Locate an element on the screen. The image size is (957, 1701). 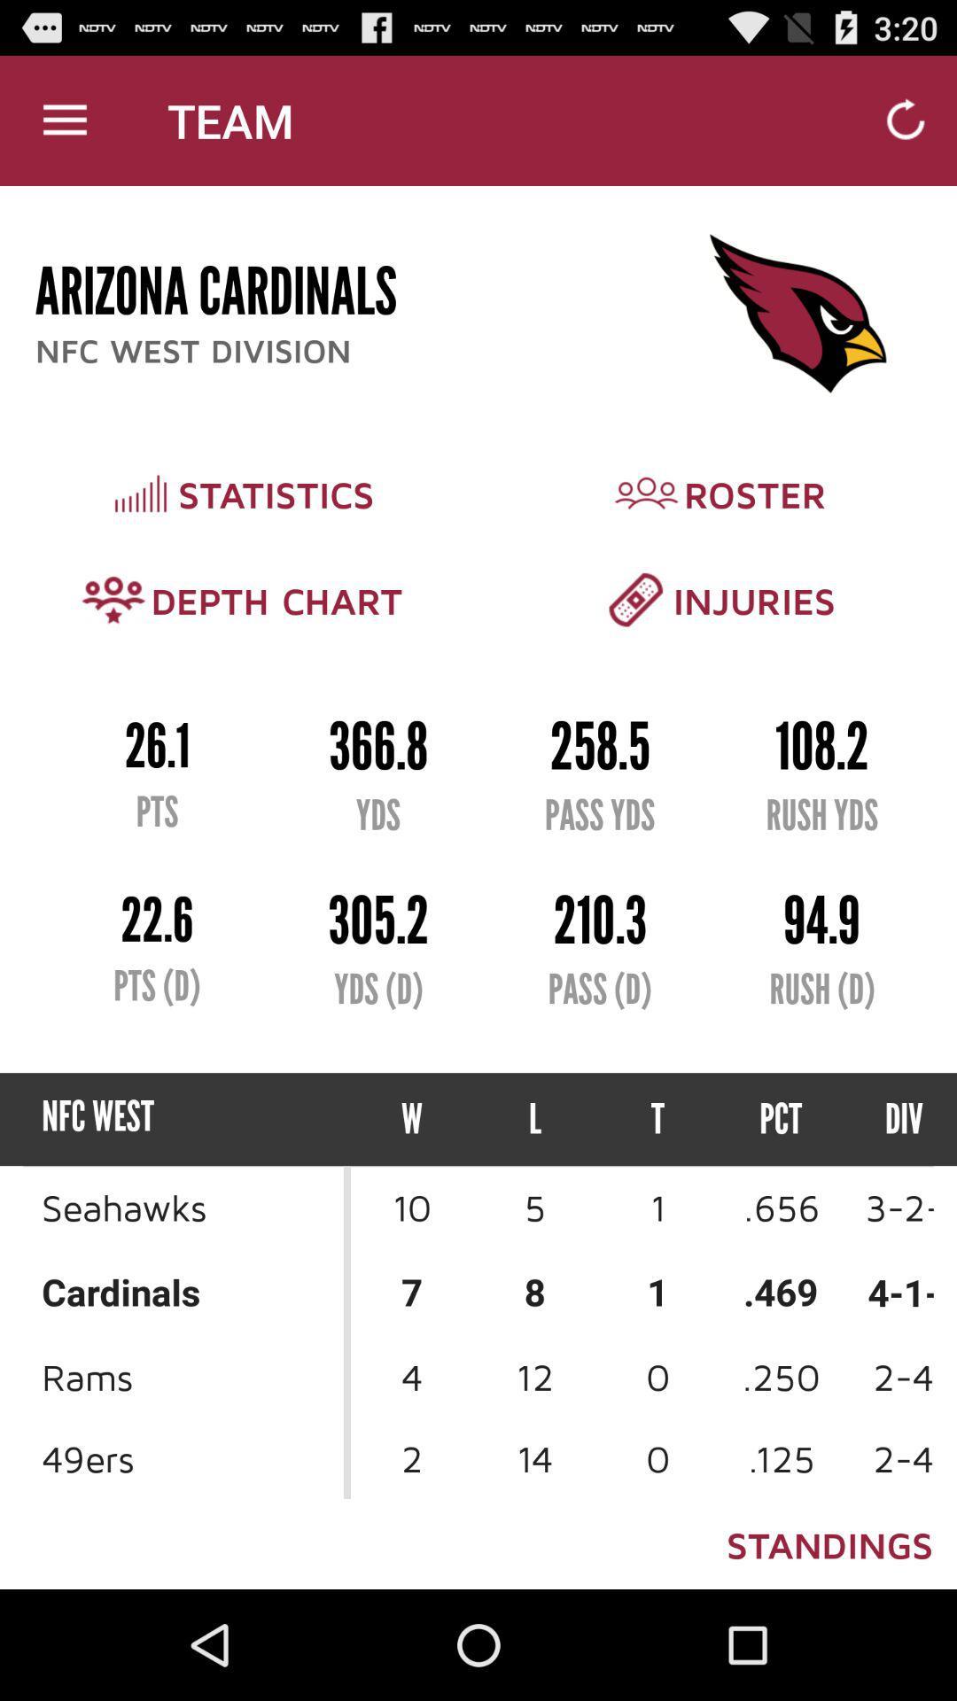
the icon next to team is located at coordinates (64, 120).